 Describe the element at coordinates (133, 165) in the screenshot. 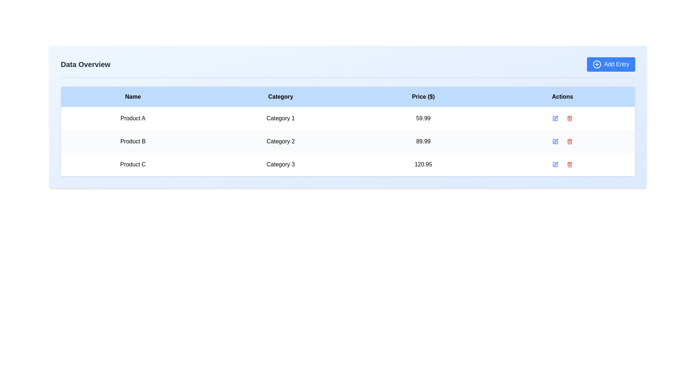

I see `the text label displaying the product name, located in the first cell of the third row of the table under the 'Name' column` at that location.